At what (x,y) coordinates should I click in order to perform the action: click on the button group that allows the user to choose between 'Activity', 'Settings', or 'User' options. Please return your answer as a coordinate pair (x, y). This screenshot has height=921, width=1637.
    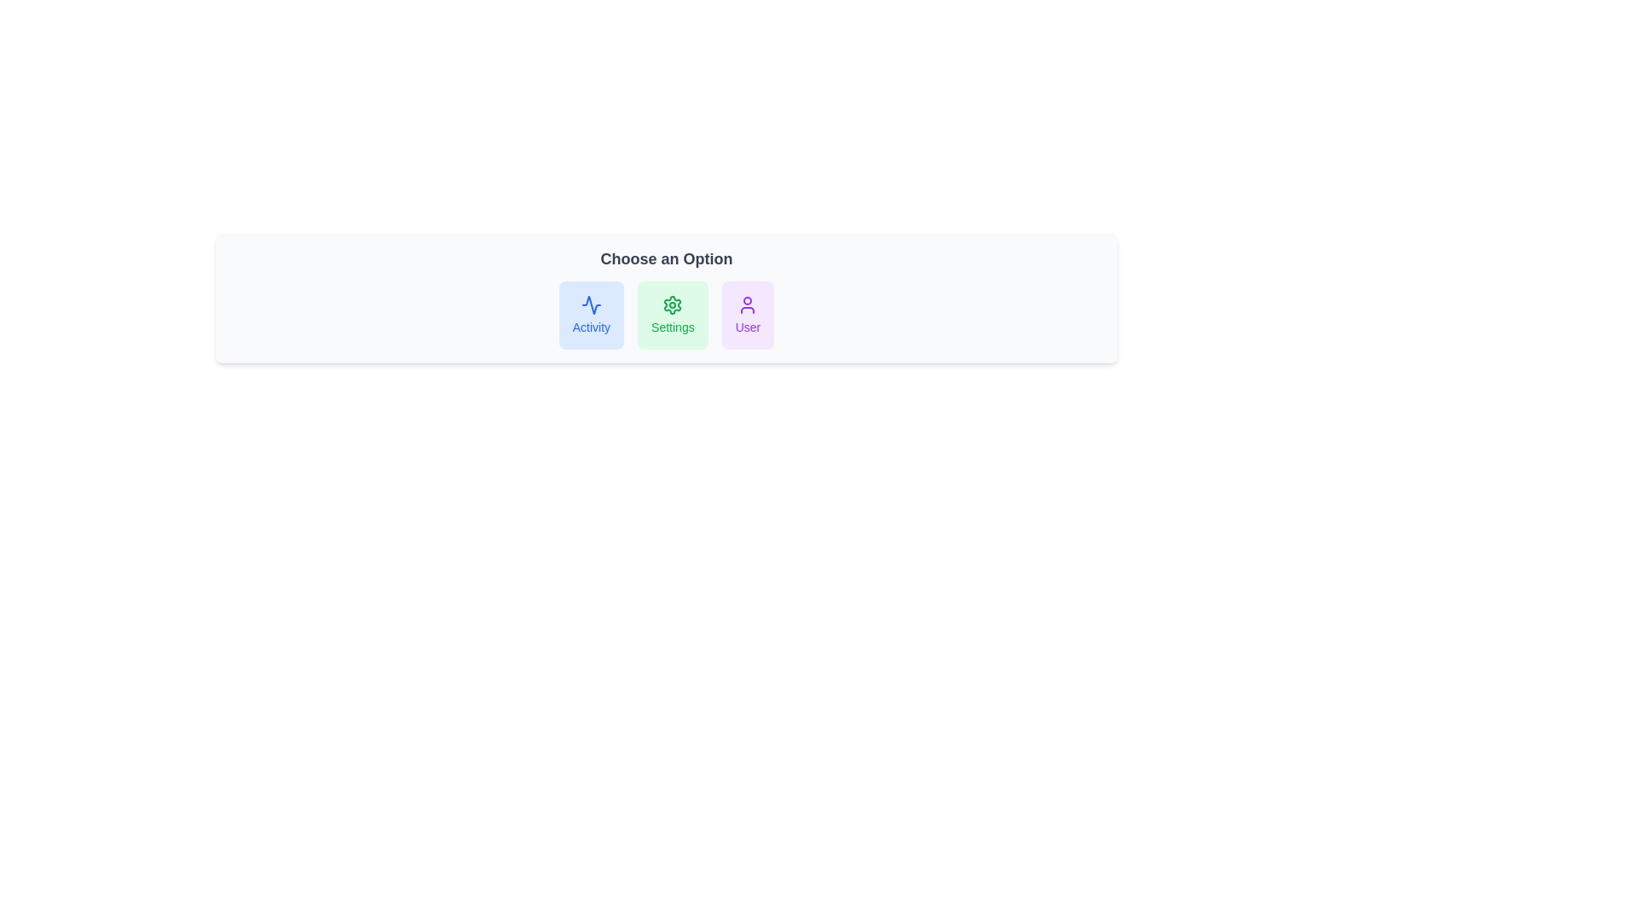
    Looking at the image, I should click on (666, 316).